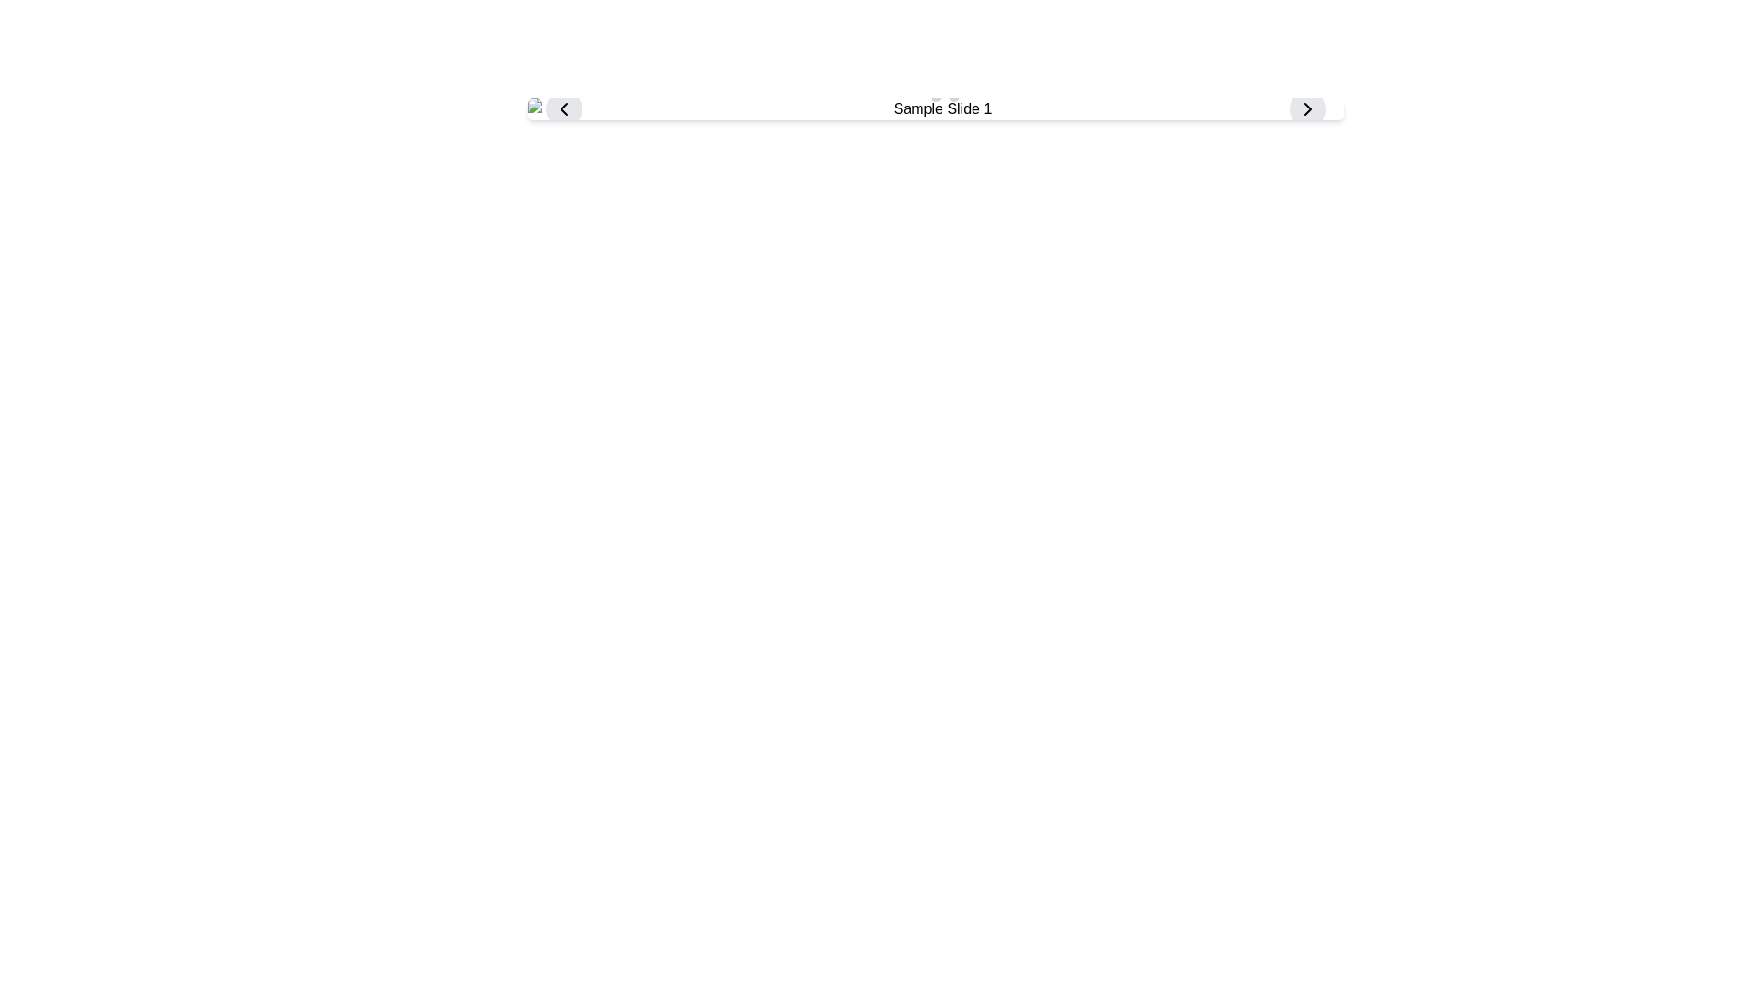  What do you see at coordinates (562, 108) in the screenshot?
I see `the left-pointing chevron icon located in the top-left corner of the interface, next to the page title 'Sample Slide 1'` at bounding box center [562, 108].